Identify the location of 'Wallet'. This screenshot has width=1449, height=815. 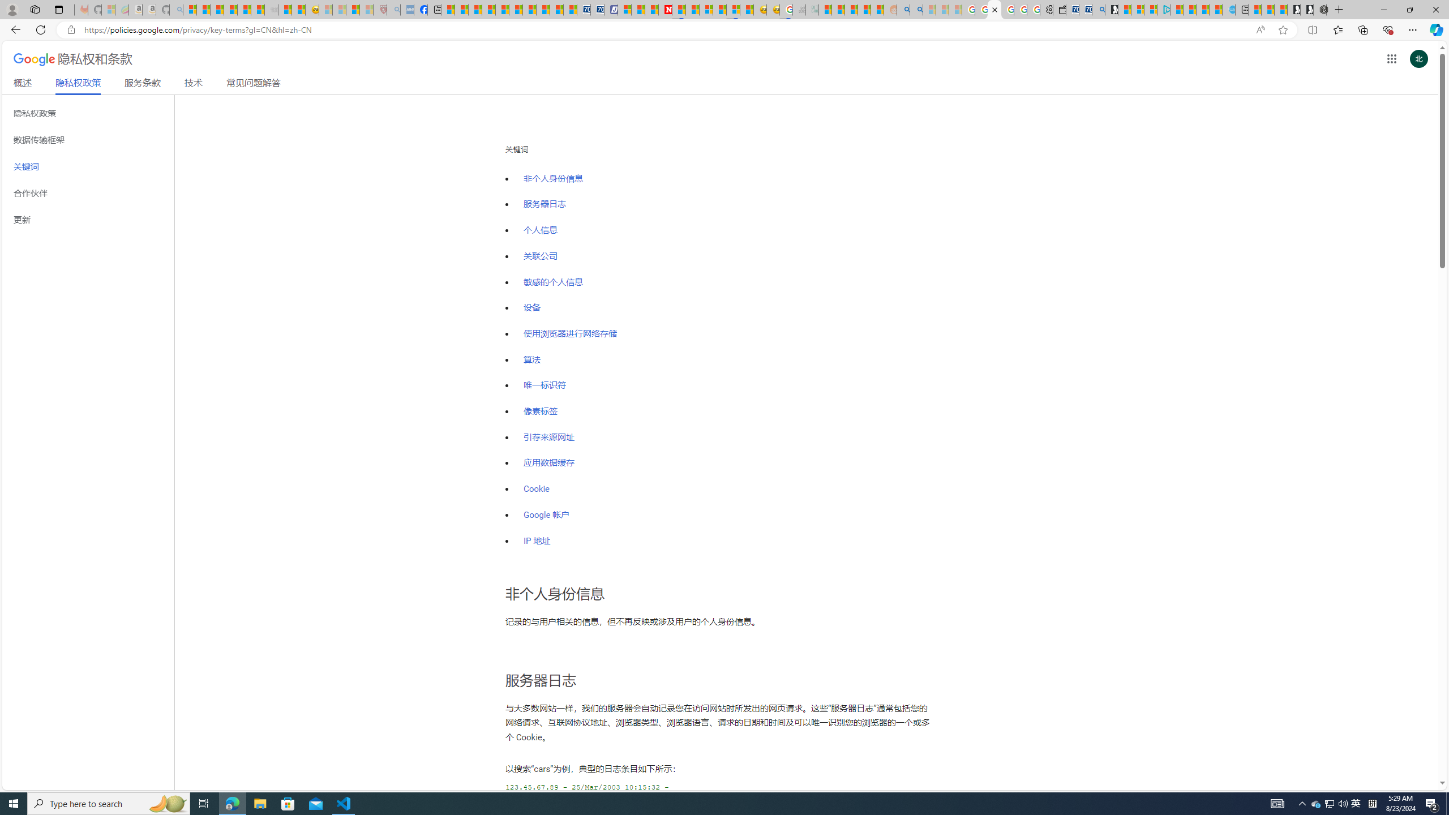
(1059, 9).